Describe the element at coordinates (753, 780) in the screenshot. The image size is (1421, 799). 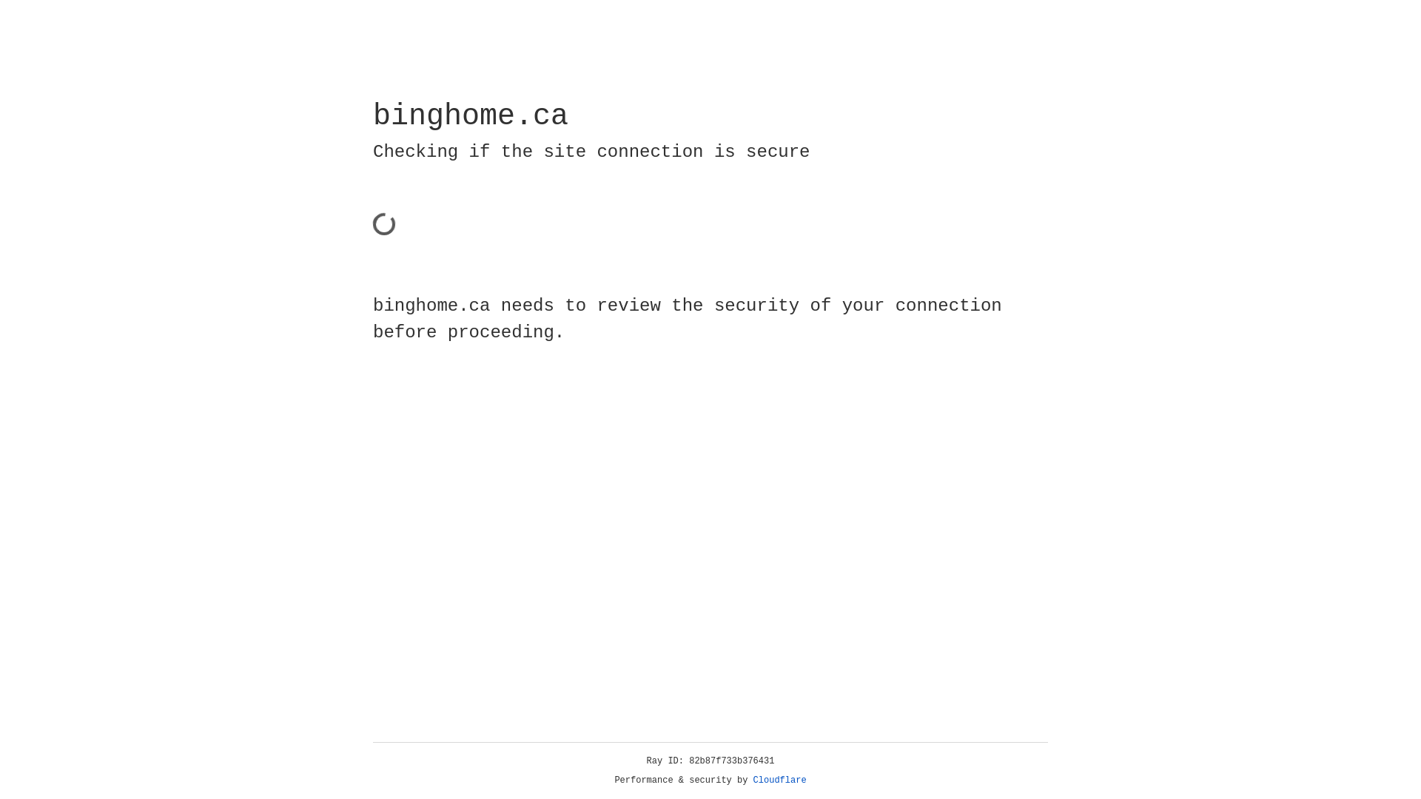
I see `'Cloudflare'` at that location.